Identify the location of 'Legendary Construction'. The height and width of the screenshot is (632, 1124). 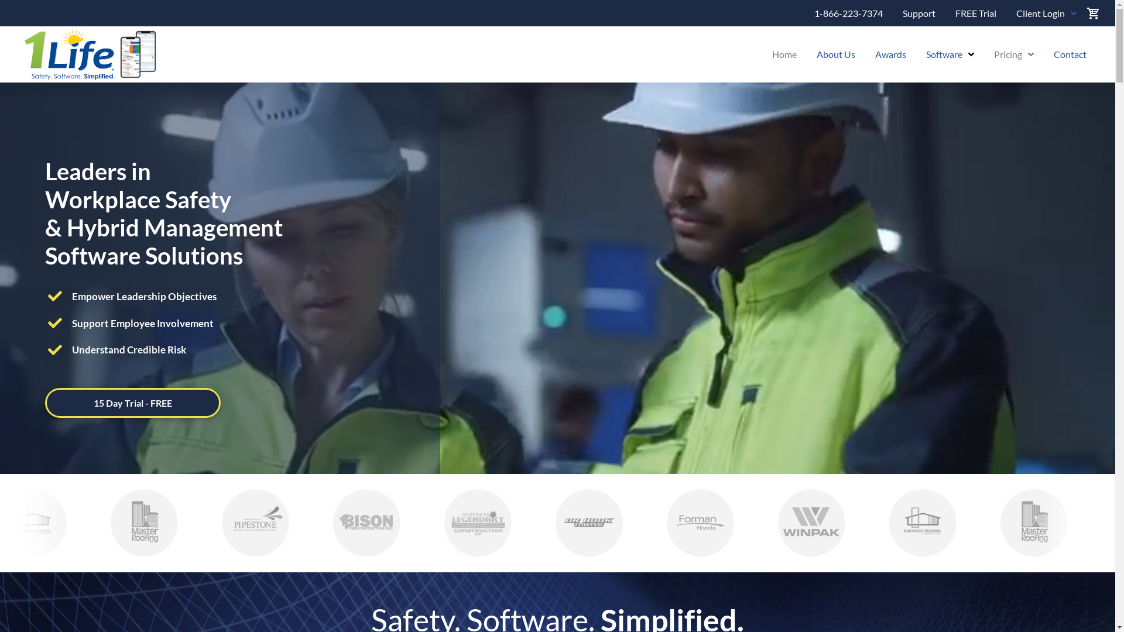
(453, 522).